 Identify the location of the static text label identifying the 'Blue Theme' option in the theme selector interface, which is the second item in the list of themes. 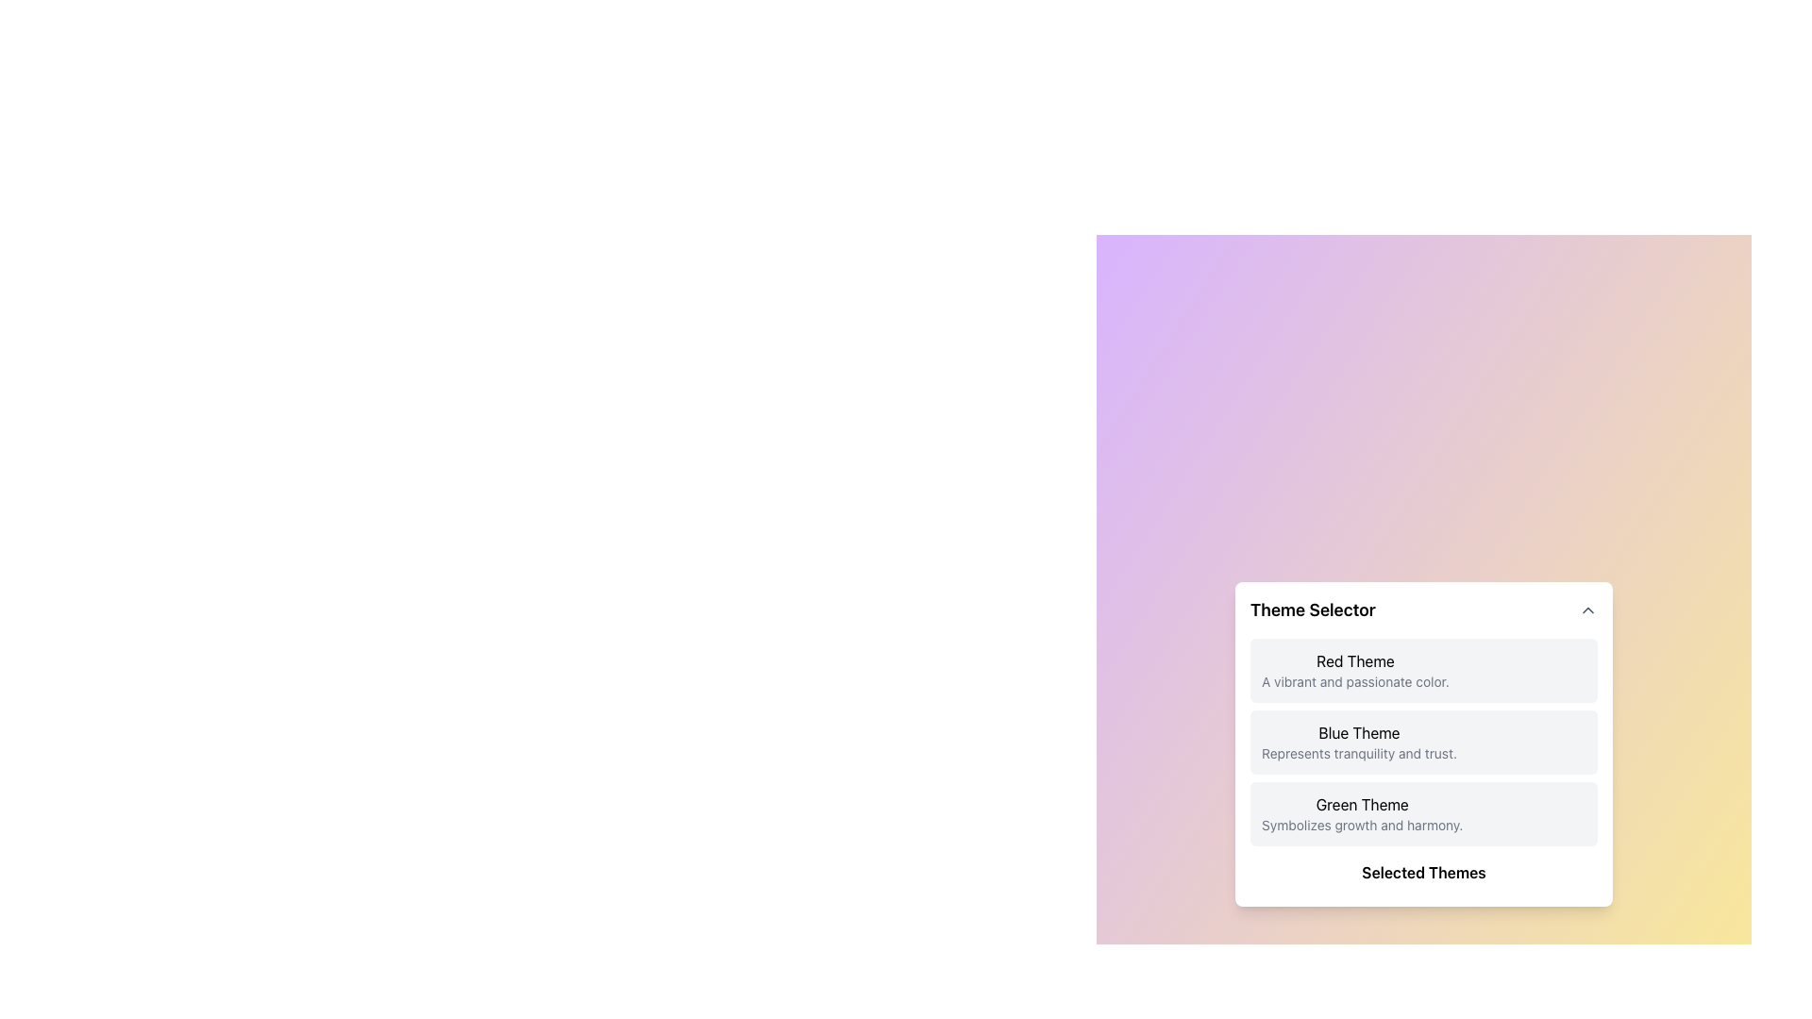
(1359, 731).